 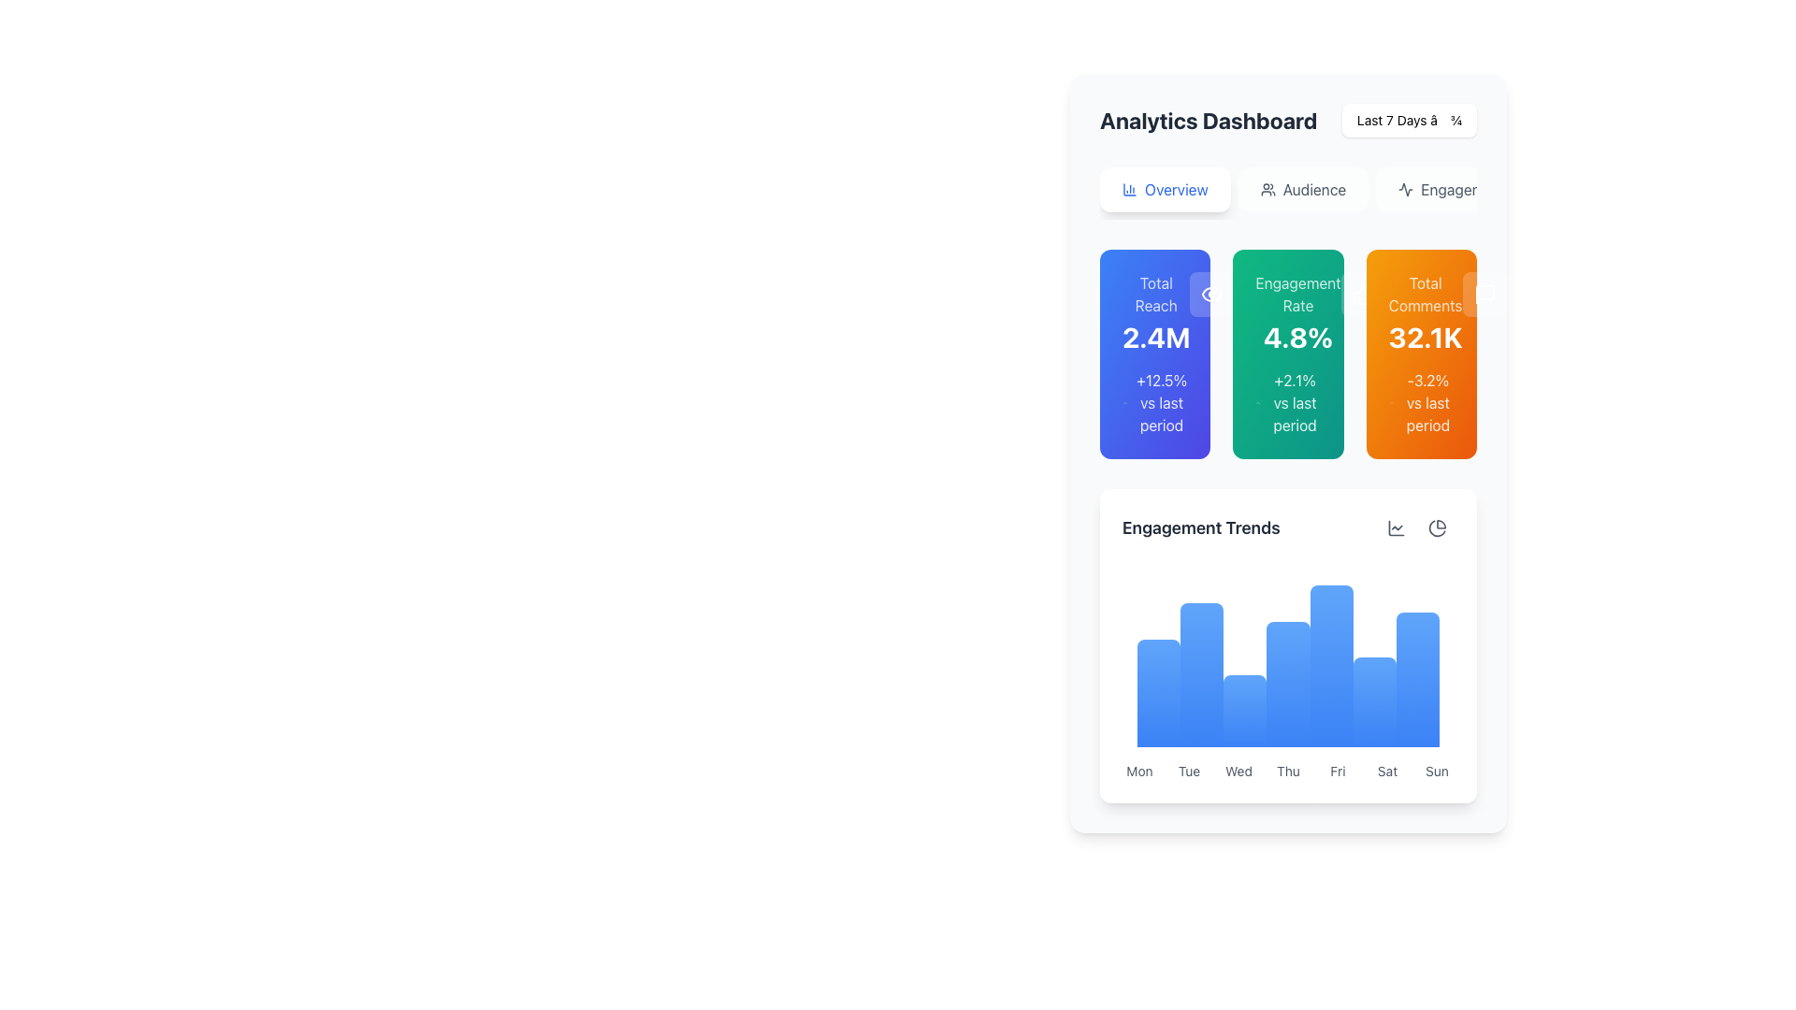 I want to click on the label representing 'Sunday' in the 'Engagement Trends' section, which is the last element in a 7-column grid layout, so click(x=1436, y=772).